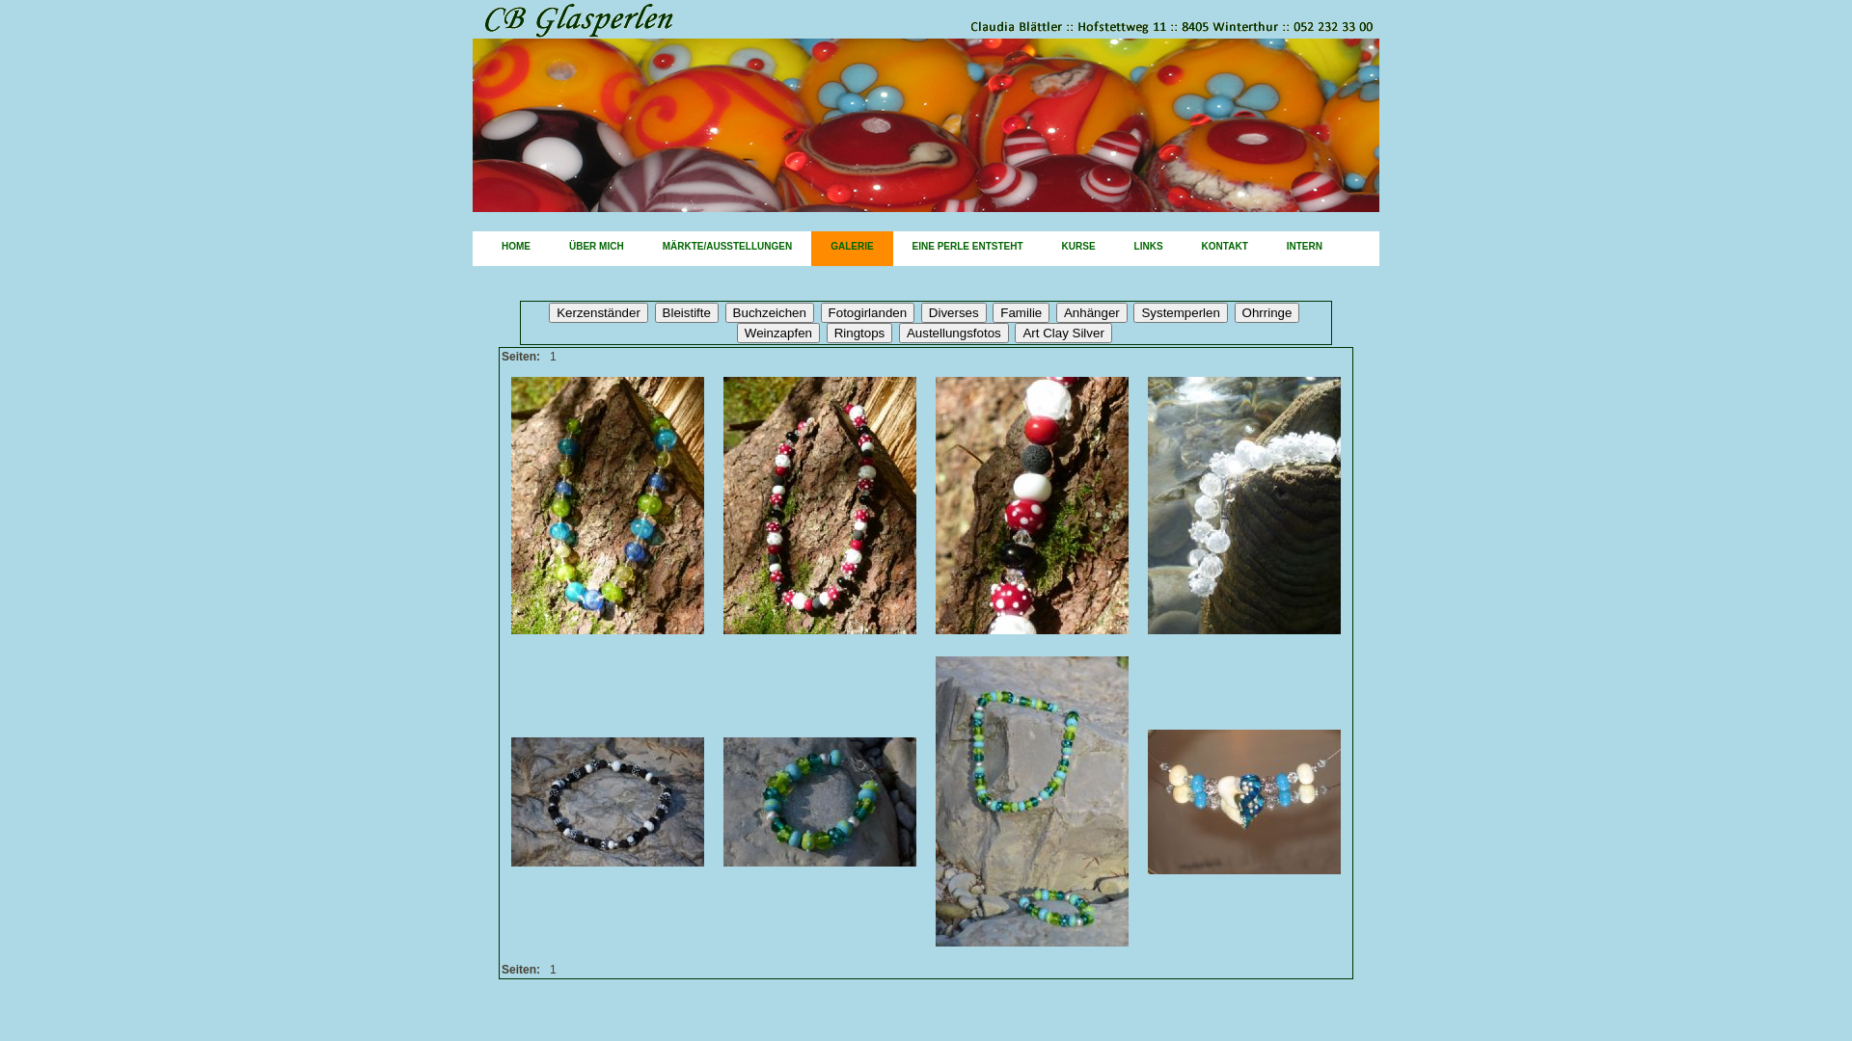 Image resolution: width=1852 pixels, height=1041 pixels. I want to click on 'Familie', so click(1020, 311).